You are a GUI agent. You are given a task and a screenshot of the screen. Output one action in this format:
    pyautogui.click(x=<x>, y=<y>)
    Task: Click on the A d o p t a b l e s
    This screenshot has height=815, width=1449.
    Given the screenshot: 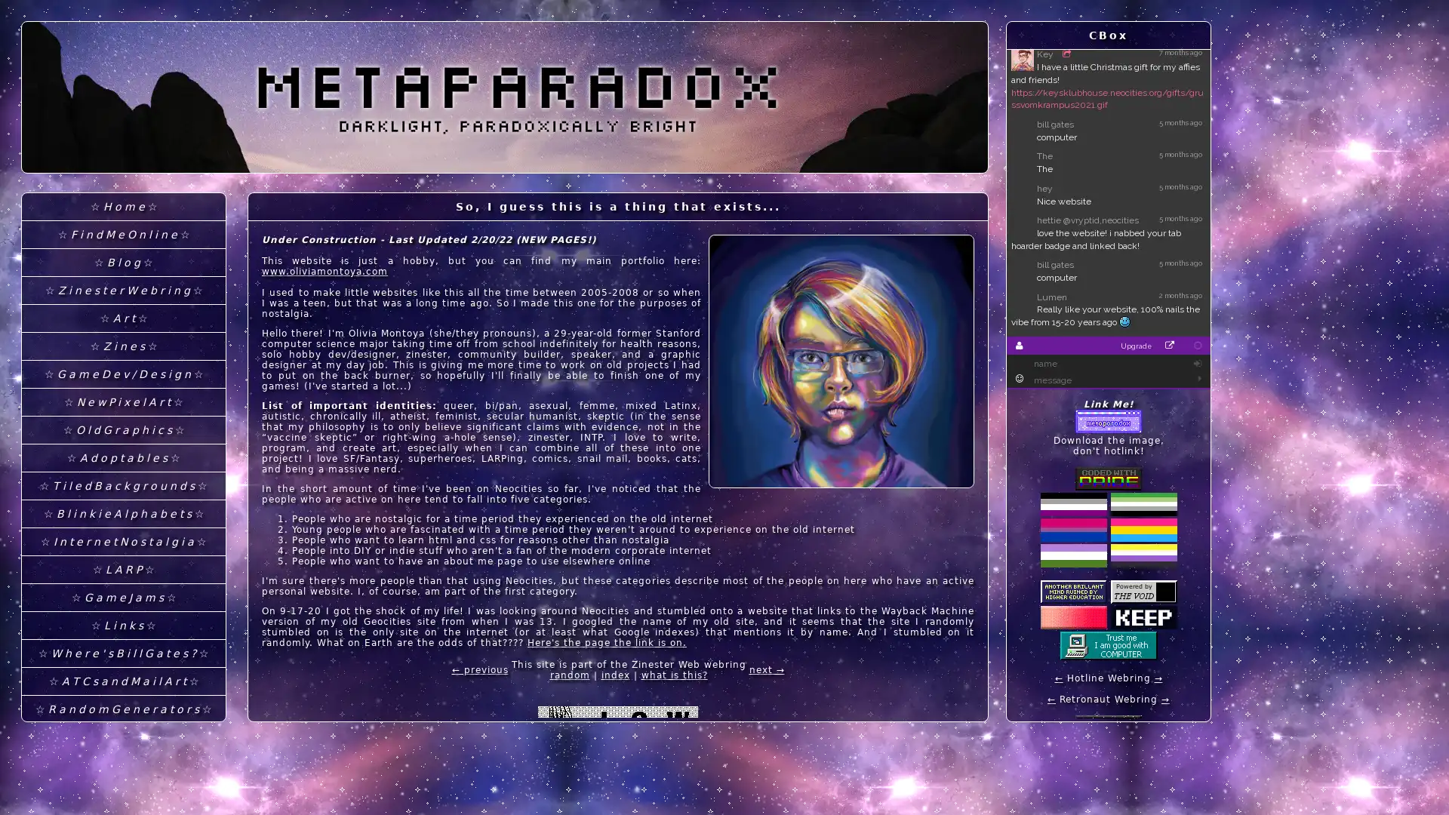 What is the action you would take?
    pyautogui.click(x=123, y=457)
    